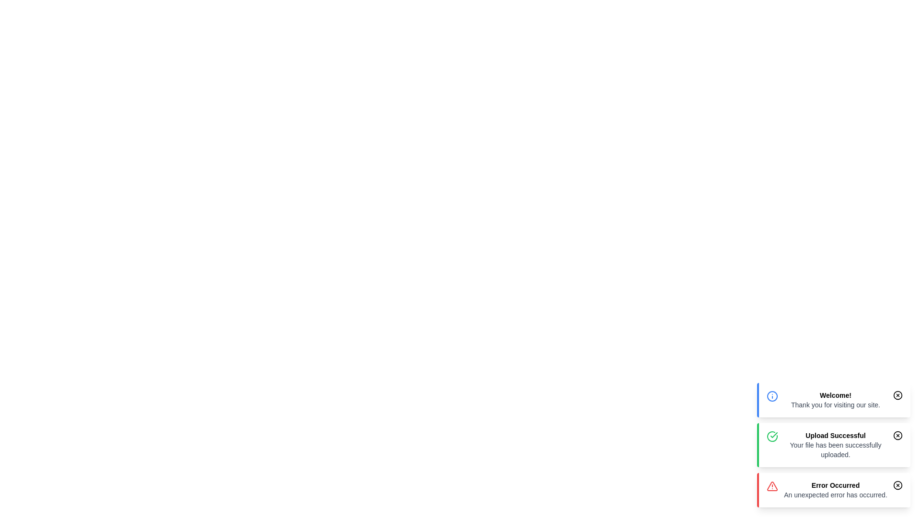 The height and width of the screenshot is (517, 920). I want to click on the greeting text element located in the upper part of the notification card, so click(835, 395).